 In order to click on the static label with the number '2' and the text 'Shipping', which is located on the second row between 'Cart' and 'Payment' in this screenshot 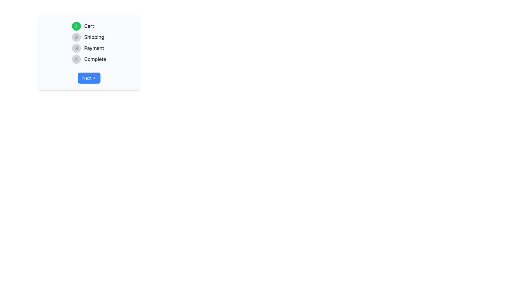, I will do `click(89, 37)`.